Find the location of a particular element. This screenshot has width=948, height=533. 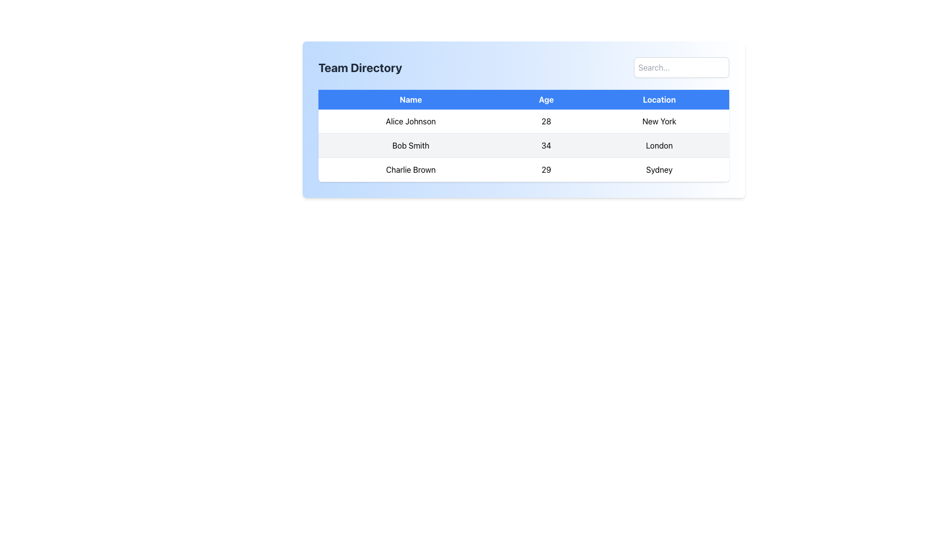

the text element displaying the age of 'Alice Johnson' in the demographic information table, located in the first row, second column between 'Name' and 'Location' is located at coordinates (546, 121).